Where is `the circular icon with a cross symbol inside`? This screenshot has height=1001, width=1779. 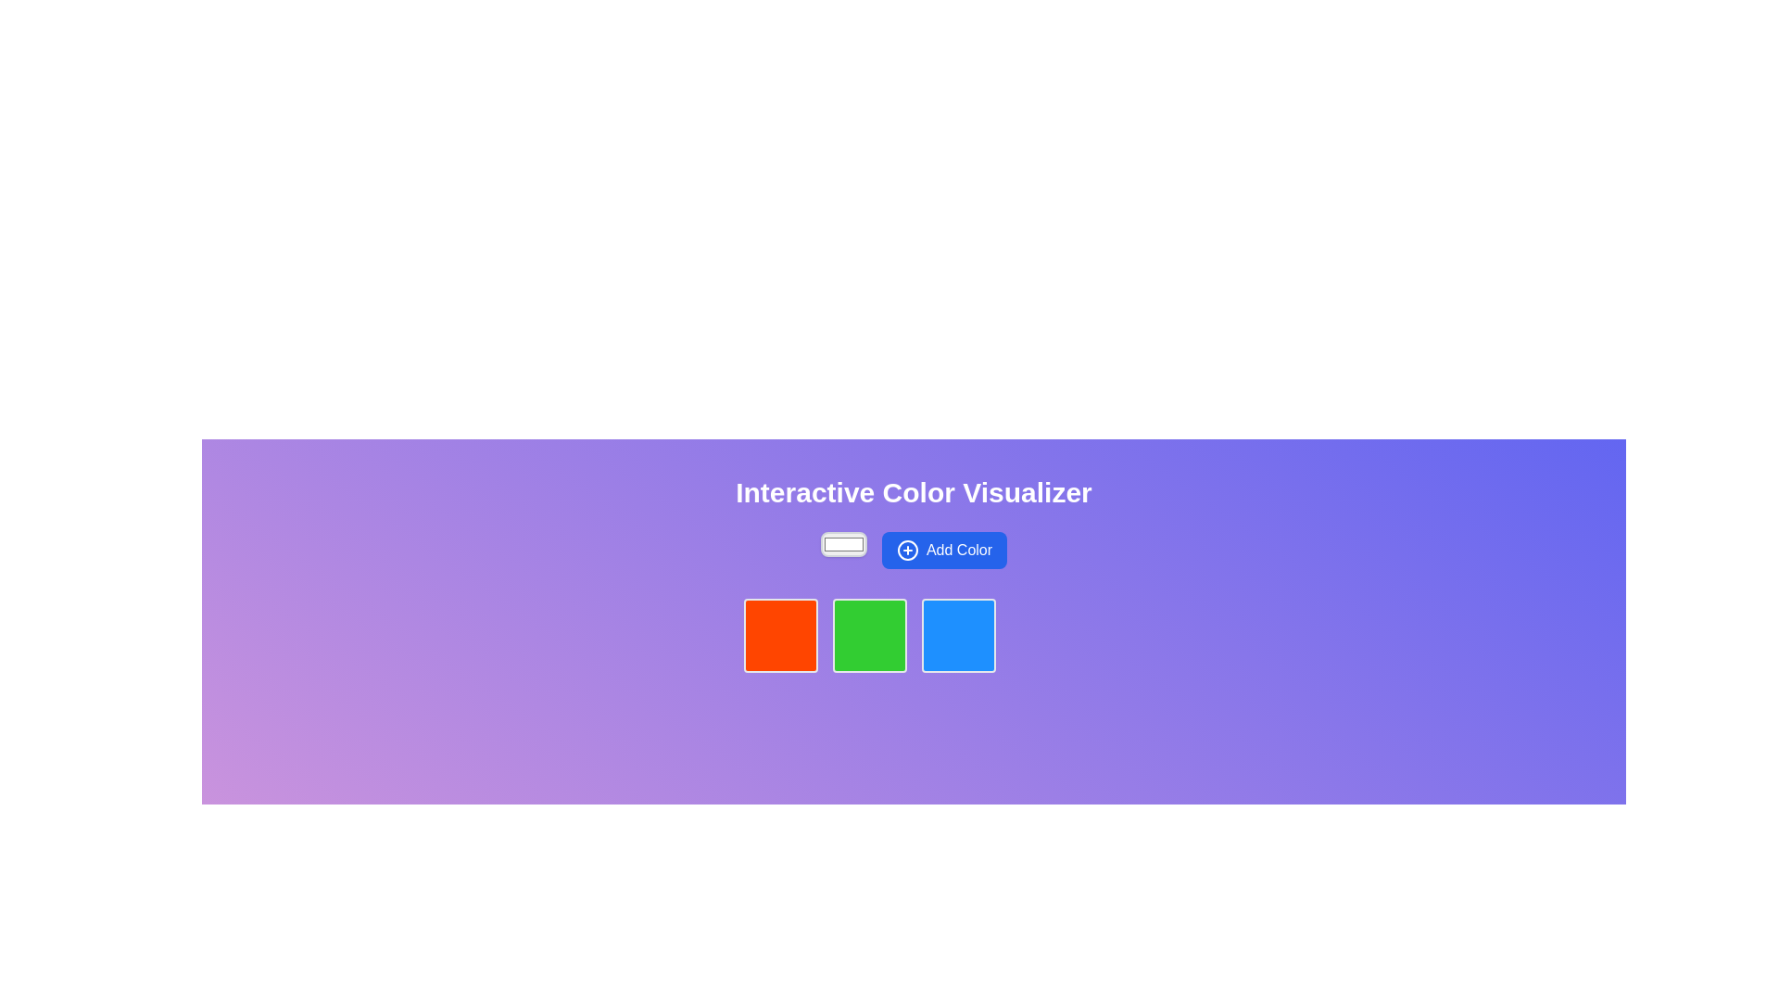
the circular icon with a cross symbol inside is located at coordinates (907, 550).